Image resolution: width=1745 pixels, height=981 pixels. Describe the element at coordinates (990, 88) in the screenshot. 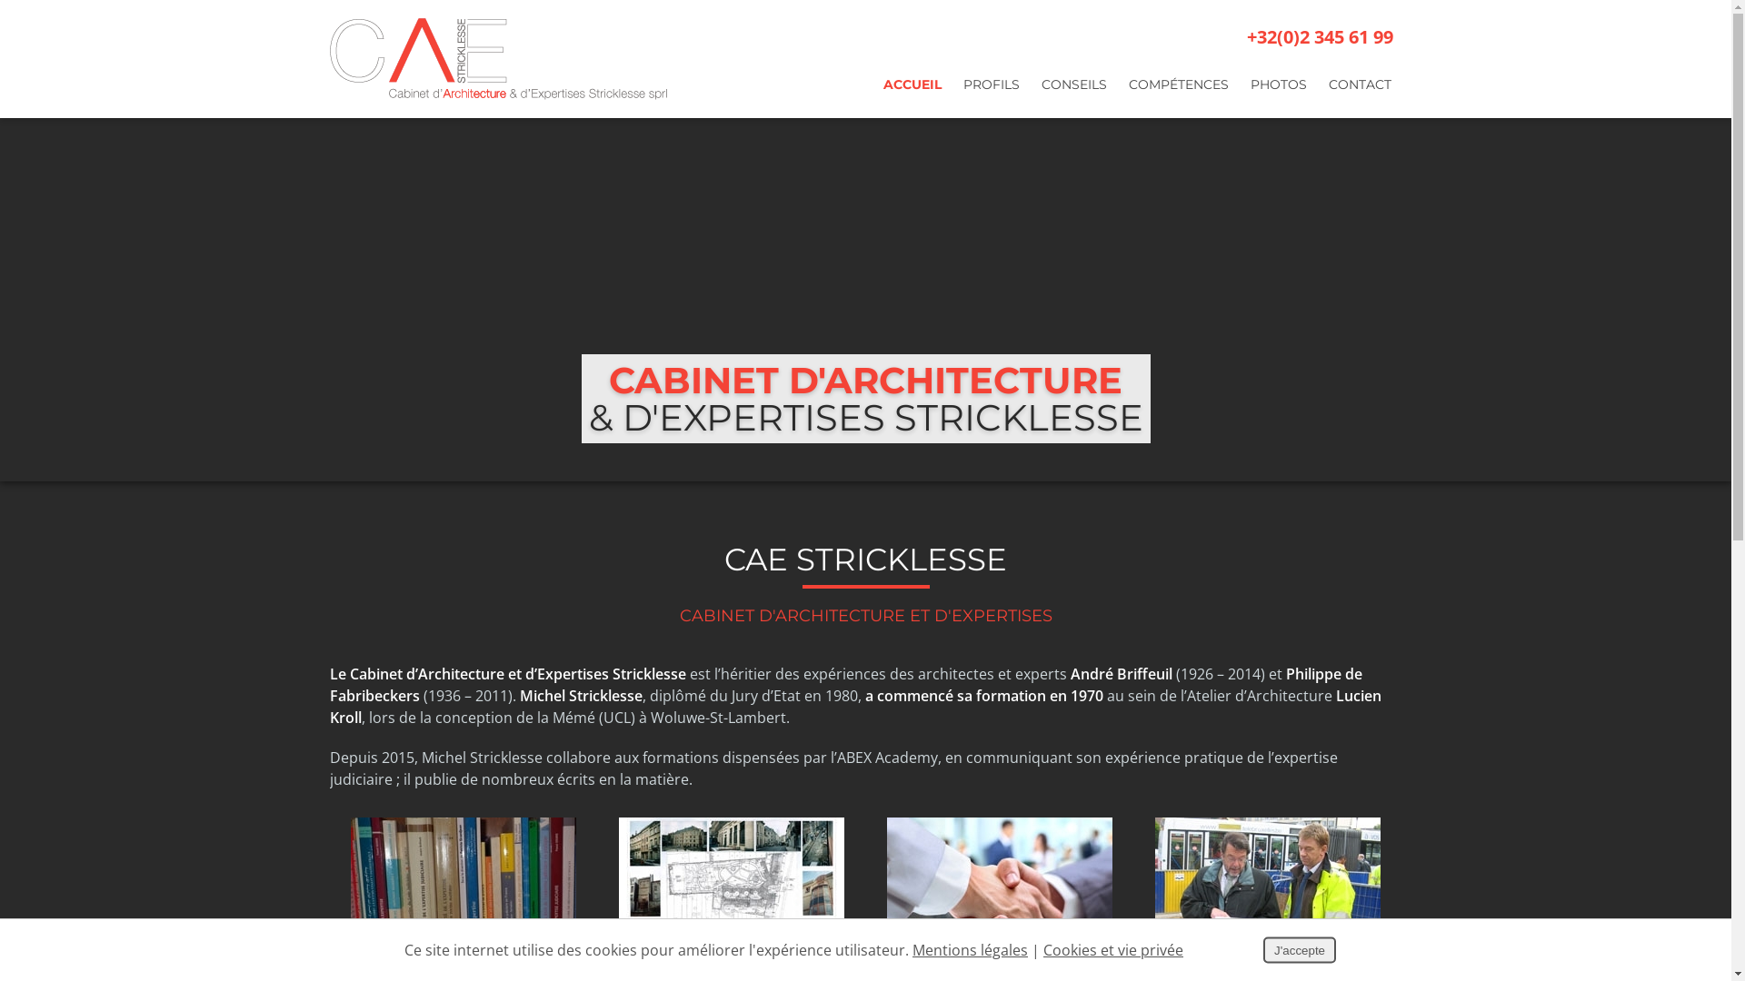

I see `'PROFILS'` at that location.